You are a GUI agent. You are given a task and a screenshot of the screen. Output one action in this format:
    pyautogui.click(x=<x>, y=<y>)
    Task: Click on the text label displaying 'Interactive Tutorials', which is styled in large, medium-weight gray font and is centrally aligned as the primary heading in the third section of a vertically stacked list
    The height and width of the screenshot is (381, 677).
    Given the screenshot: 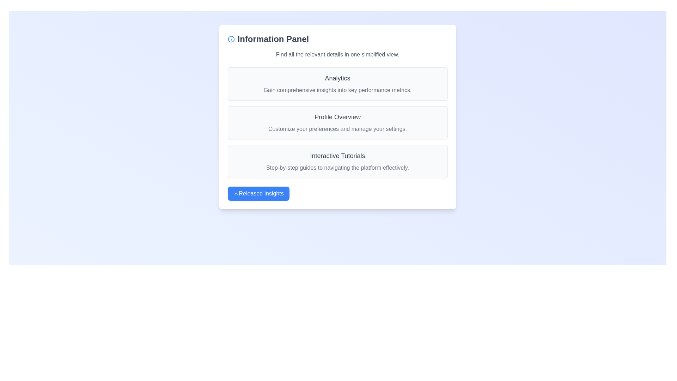 What is the action you would take?
    pyautogui.click(x=337, y=156)
    